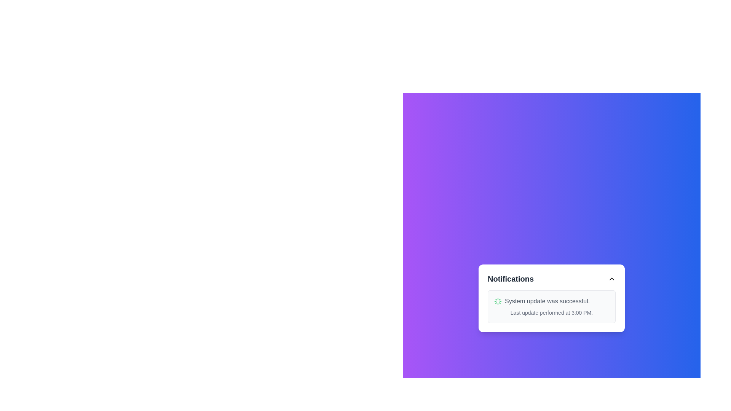  Describe the element at coordinates (511, 279) in the screenshot. I see `the bold header text element displaying 'Notifications' located at the top-left side of the notification card` at that location.